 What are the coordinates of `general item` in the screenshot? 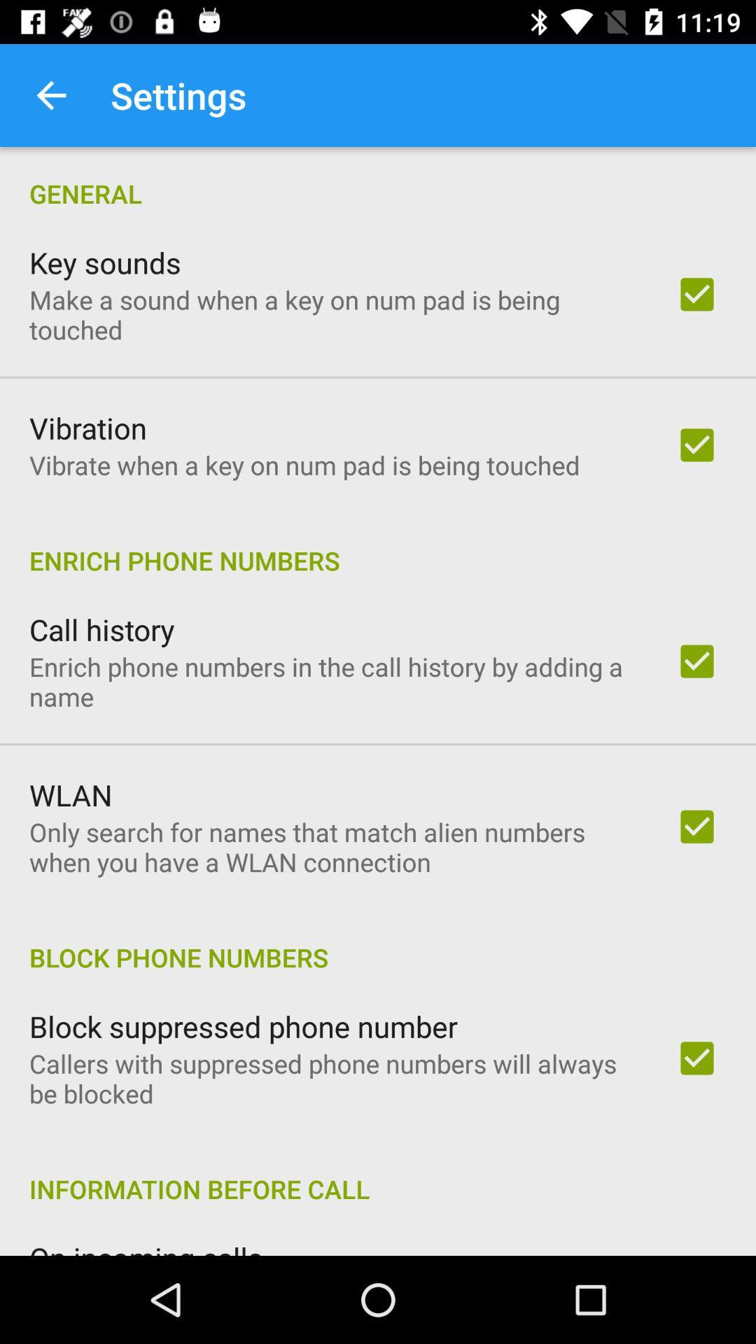 It's located at (378, 178).